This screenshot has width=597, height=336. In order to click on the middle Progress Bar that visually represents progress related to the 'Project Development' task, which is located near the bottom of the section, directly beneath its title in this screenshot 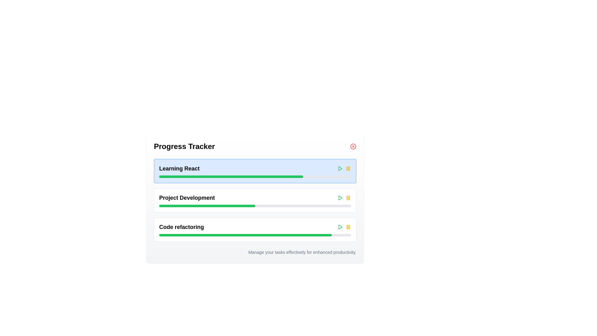, I will do `click(255, 206)`.